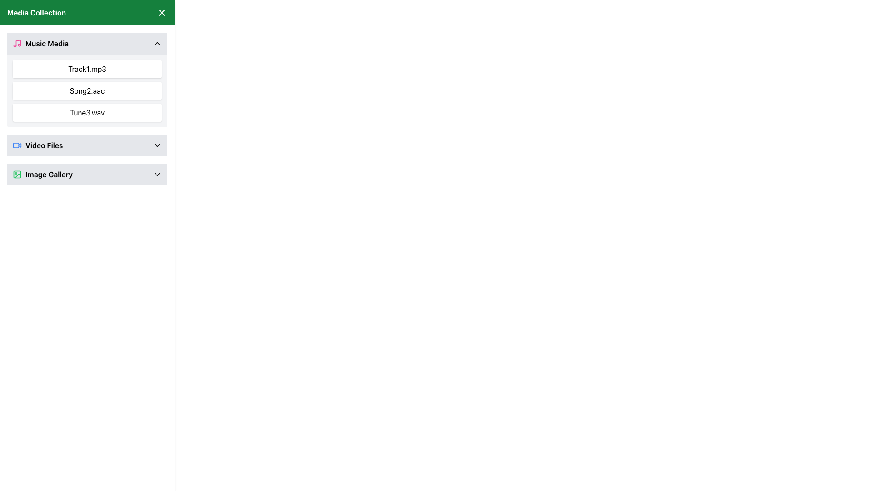 This screenshot has height=491, width=873. What do you see at coordinates (87, 91) in the screenshot?
I see `the second media file item in the 'Music Media' section of the green sidebar titled 'Media Collection'` at bounding box center [87, 91].